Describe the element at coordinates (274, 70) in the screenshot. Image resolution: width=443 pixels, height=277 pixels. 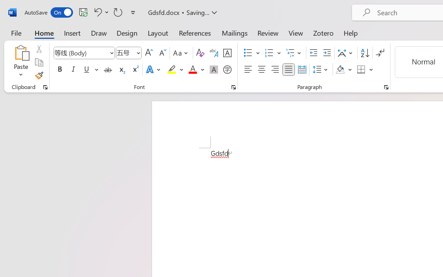
I see `'Align Right'` at that location.